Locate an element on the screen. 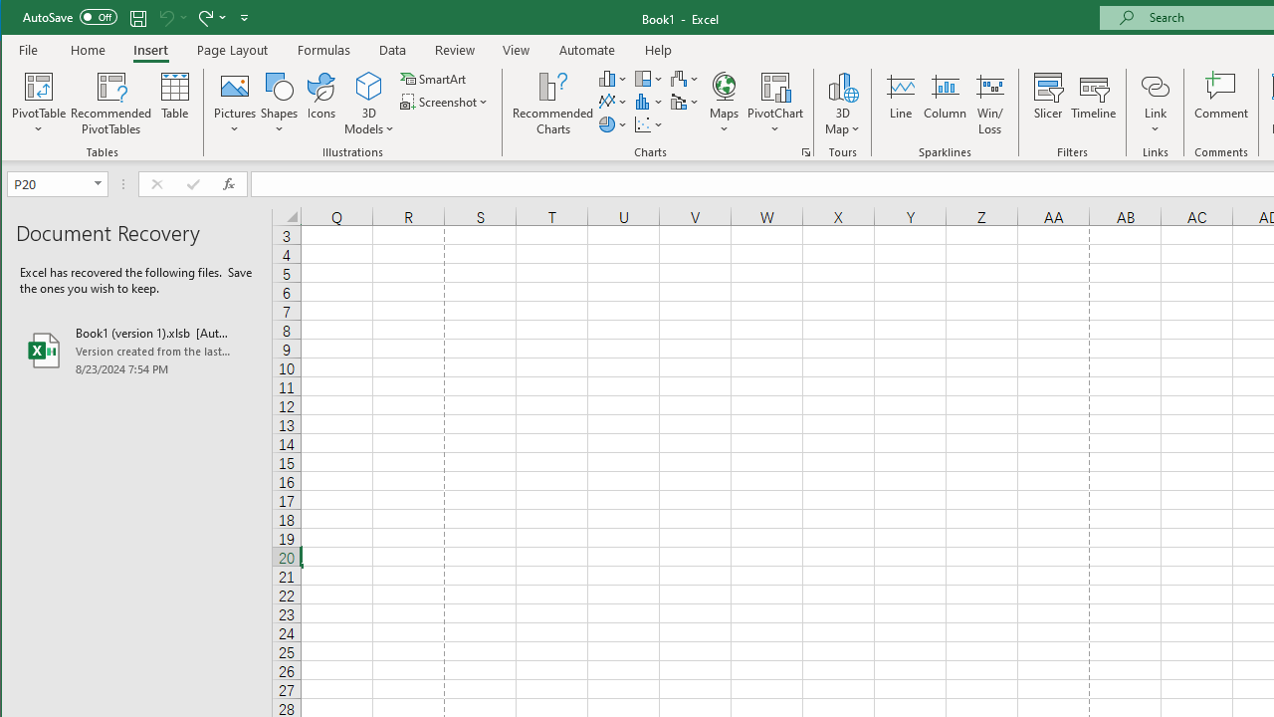  'PivotTable' is located at coordinates (39, 85).